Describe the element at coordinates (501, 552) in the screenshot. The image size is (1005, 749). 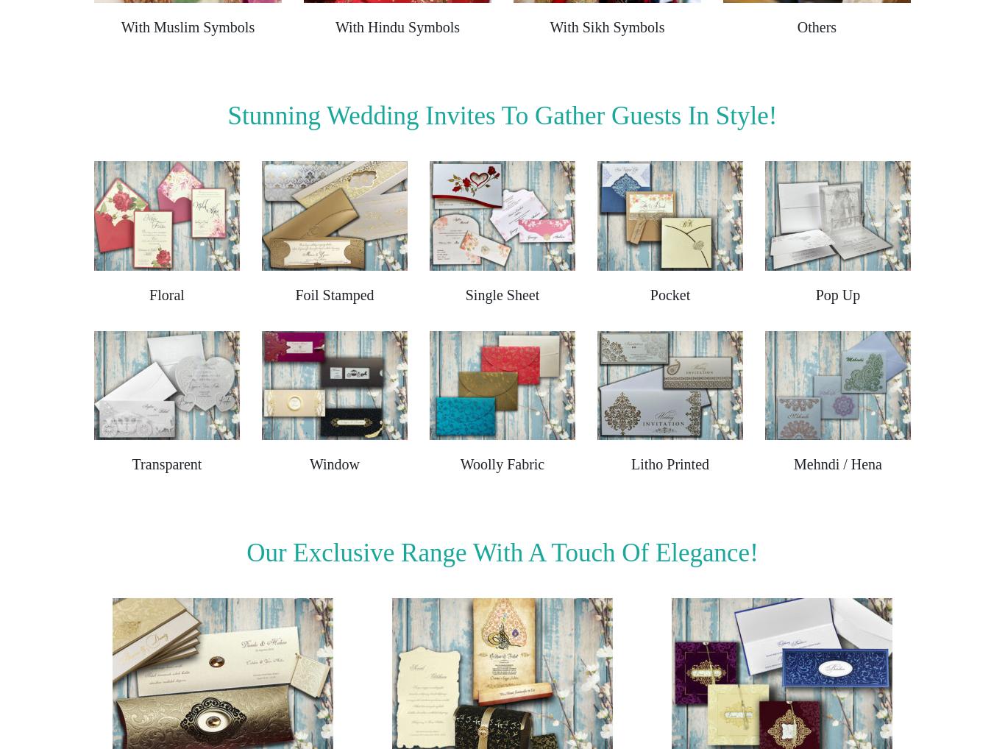
I see `'Our Exclusive Range With A Touch Of Elegance!'` at that location.